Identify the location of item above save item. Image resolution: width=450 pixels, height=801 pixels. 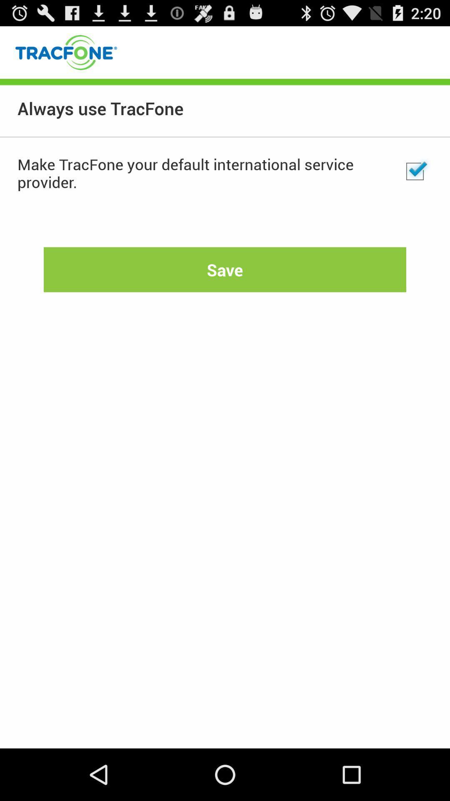
(415, 171).